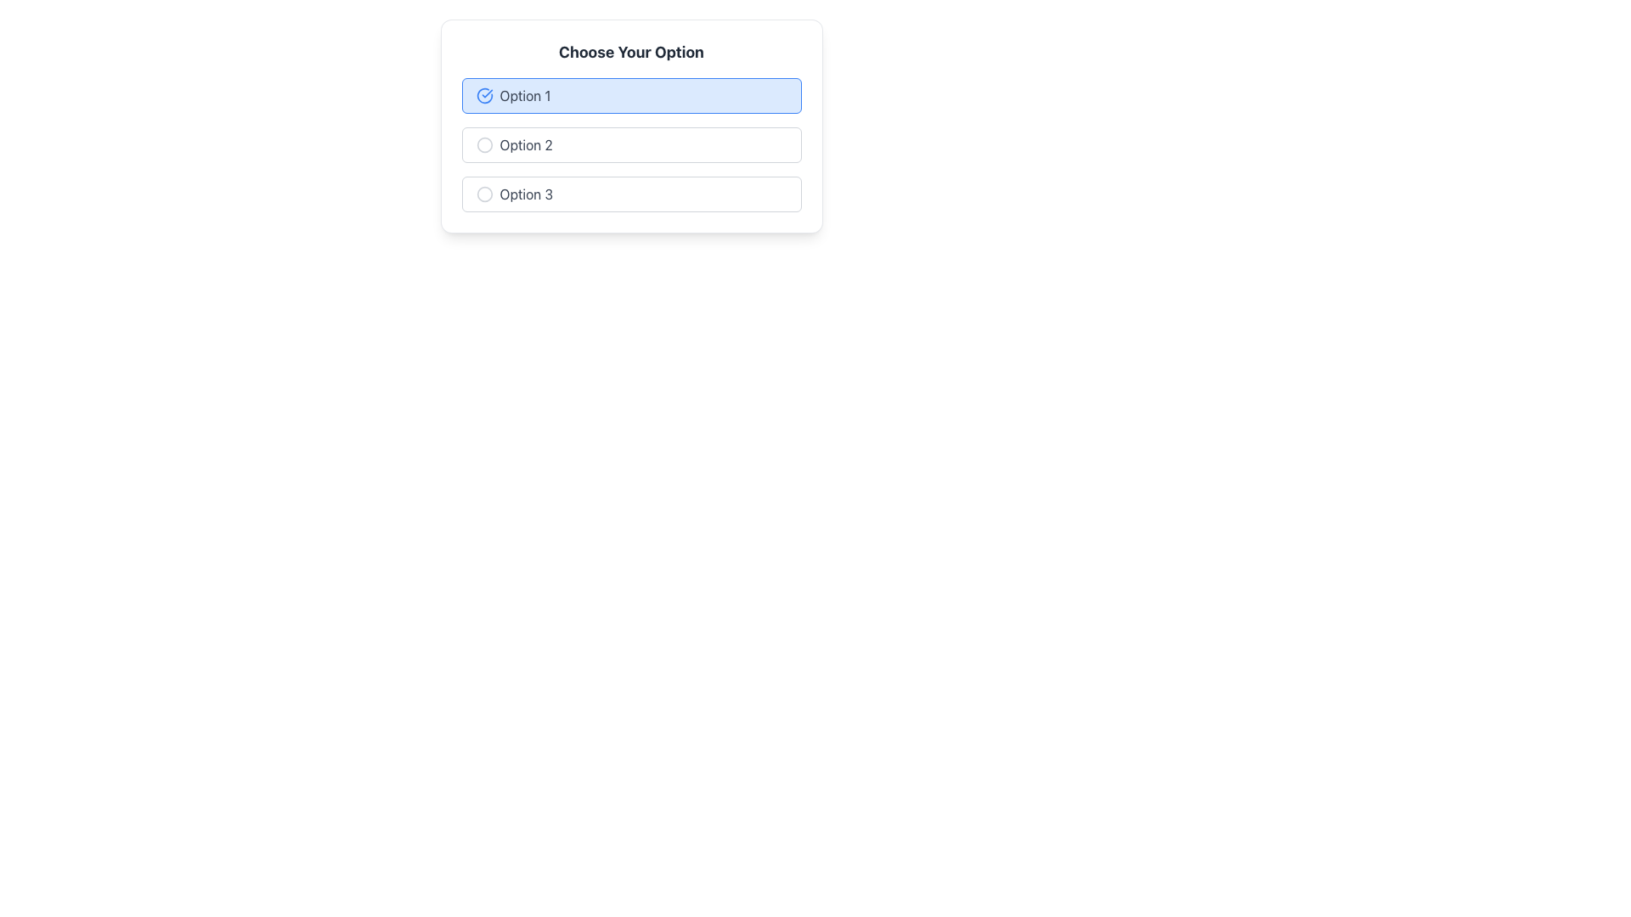 This screenshot has width=1631, height=917. Describe the element at coordinates (524, 95) in the screenshot. I see `the Static Label displaying 'Option 1', which is part of a blue-highlighted selection row` at that location.